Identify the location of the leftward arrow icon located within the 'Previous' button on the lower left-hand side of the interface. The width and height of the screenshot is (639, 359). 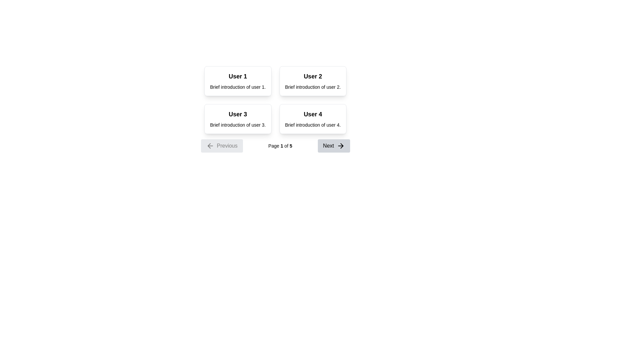
(209, 146).